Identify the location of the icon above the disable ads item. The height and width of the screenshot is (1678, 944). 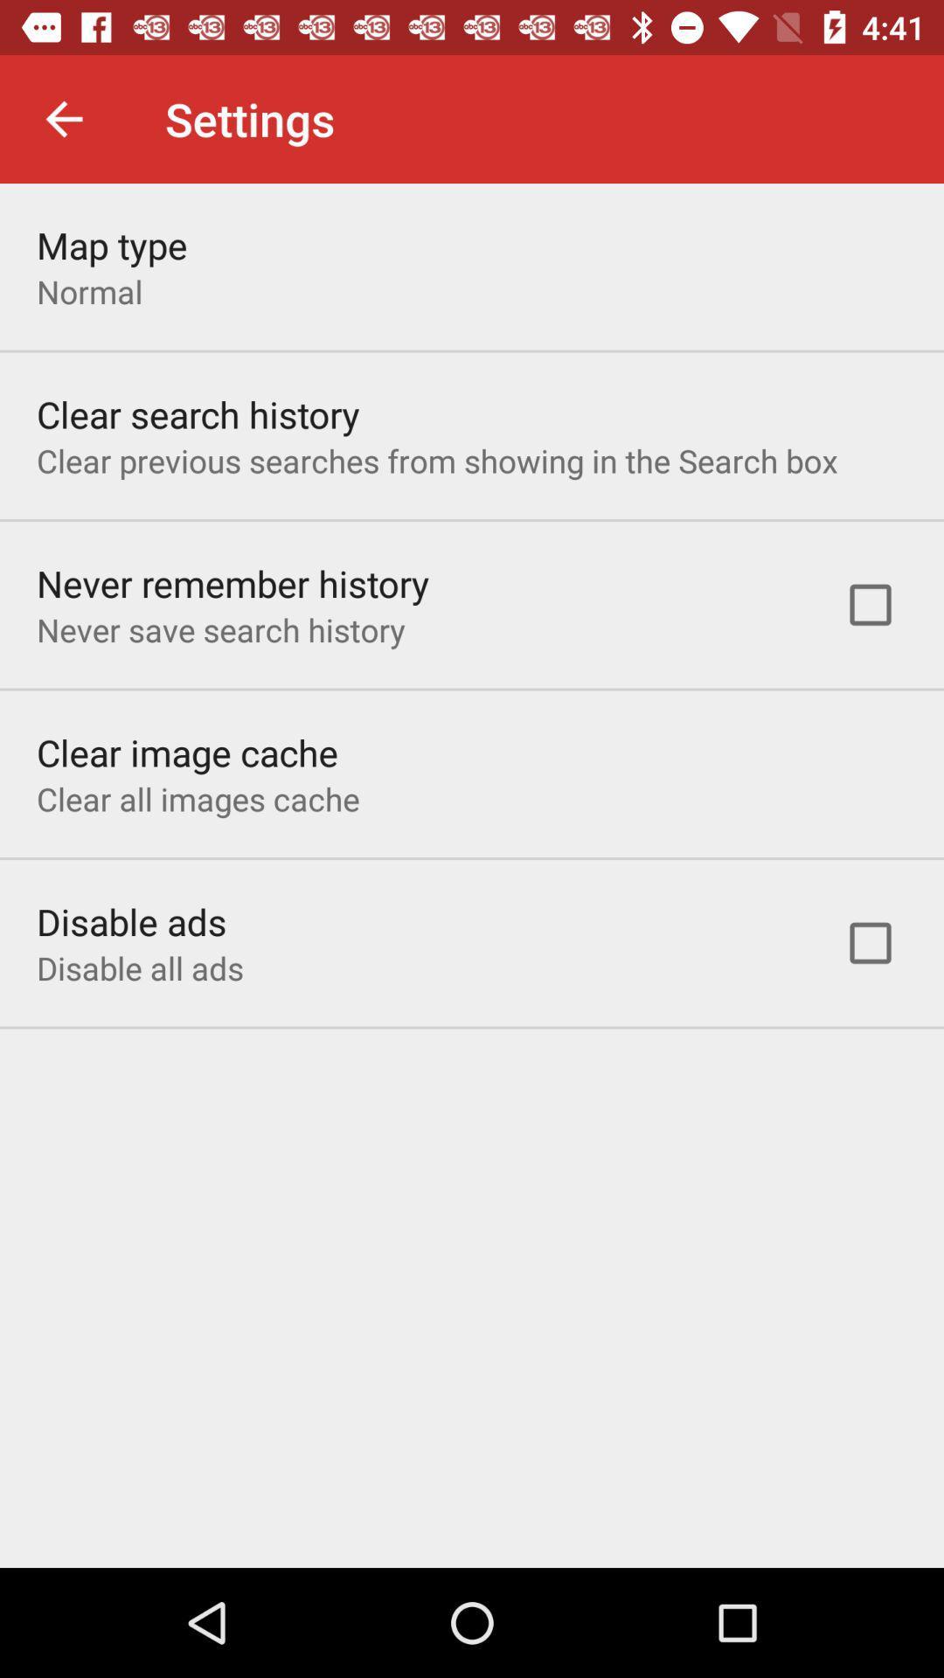
(197, 798).